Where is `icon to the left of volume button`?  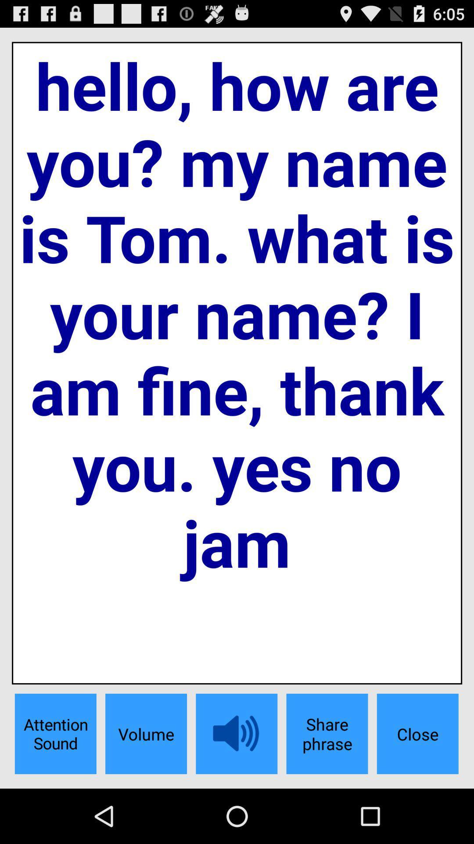 icon to the left of volume button is located at coordinates (55, 734).